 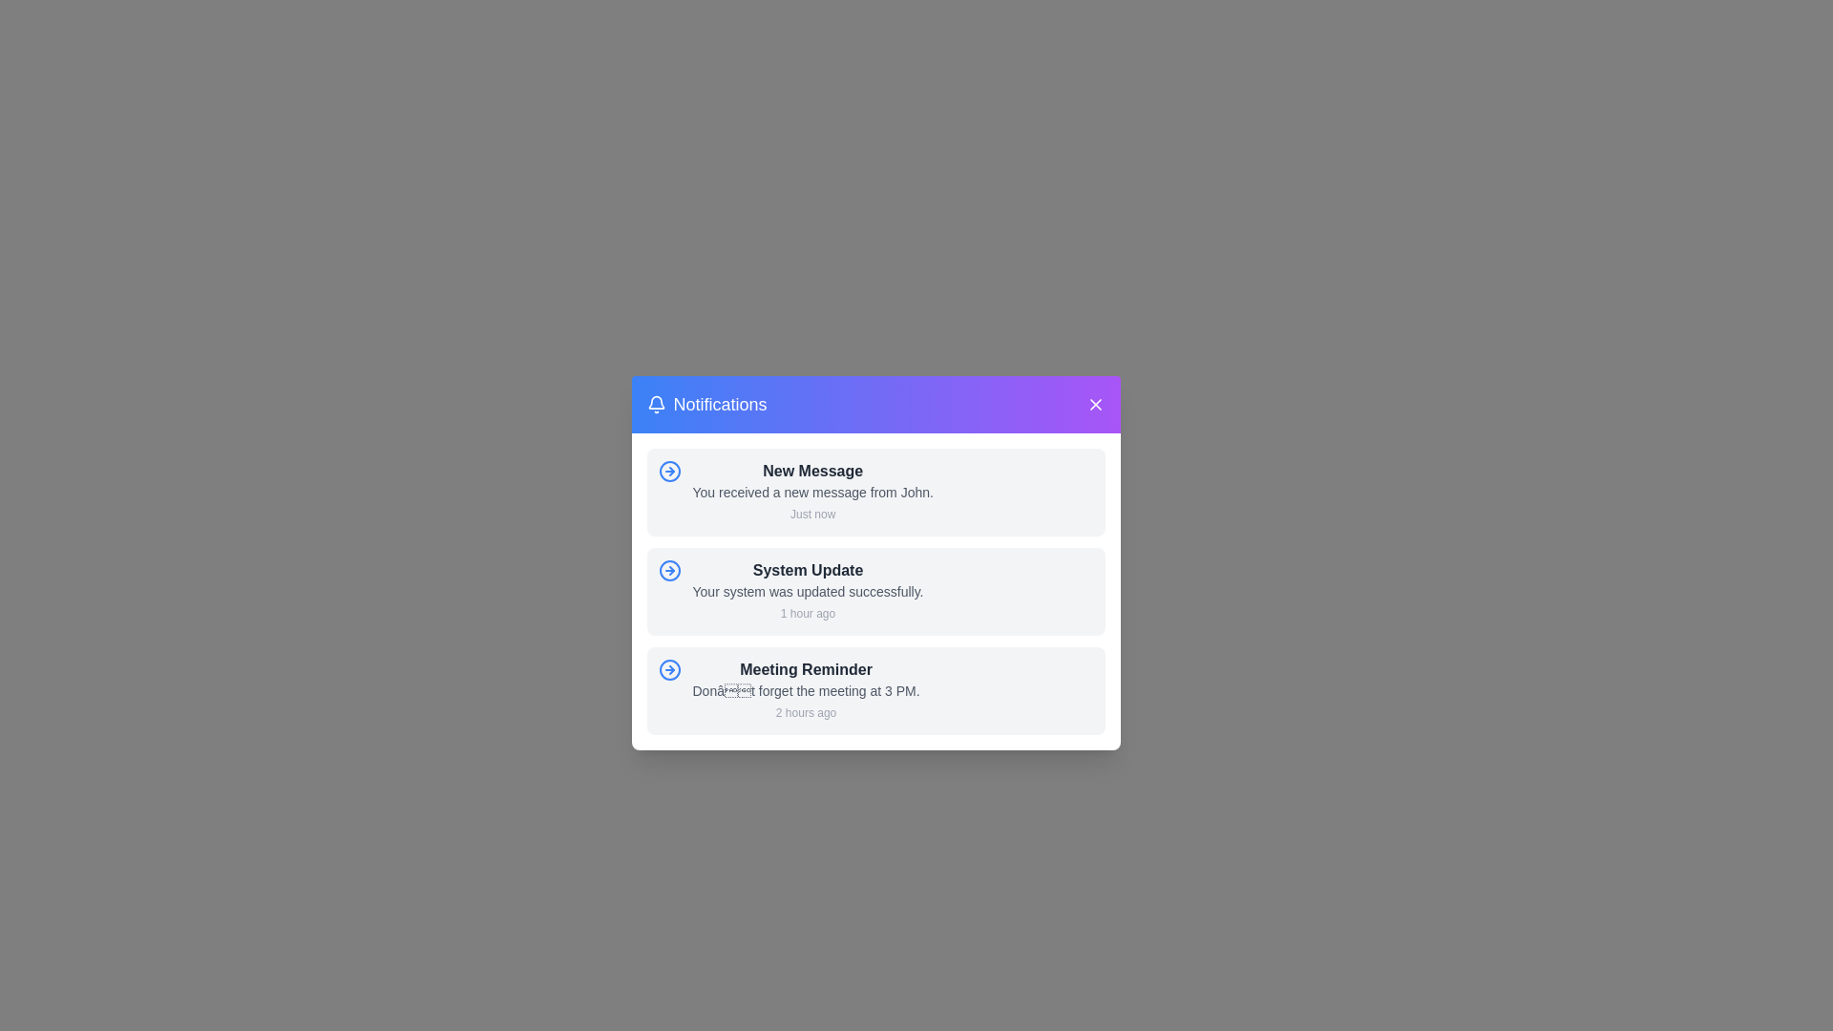 I want to click on the text label displaying 'Just now' in light gray font, located under the message content in the notification titled 'New Message', so click(x=812, y=514).